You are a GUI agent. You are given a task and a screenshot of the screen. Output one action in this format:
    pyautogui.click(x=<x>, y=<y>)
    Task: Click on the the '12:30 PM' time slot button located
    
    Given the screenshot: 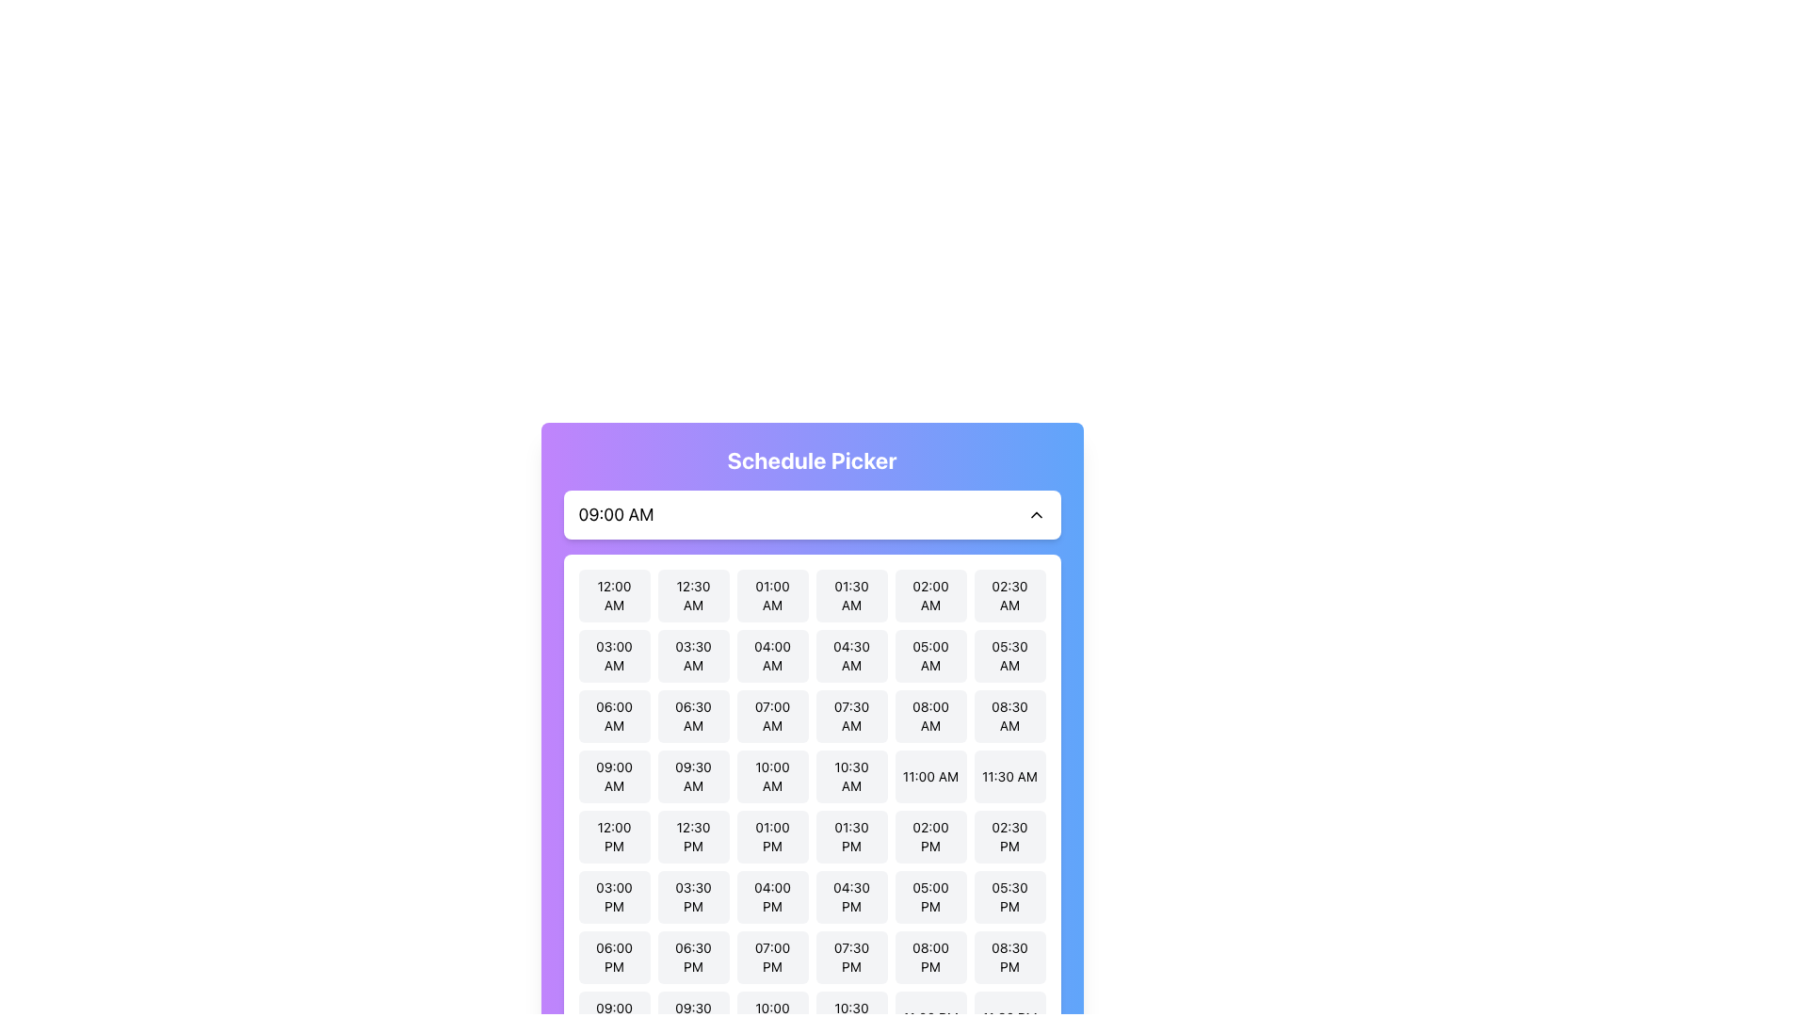 What is the action you would take?
    pyautogui.click(x=692, y=835)
    